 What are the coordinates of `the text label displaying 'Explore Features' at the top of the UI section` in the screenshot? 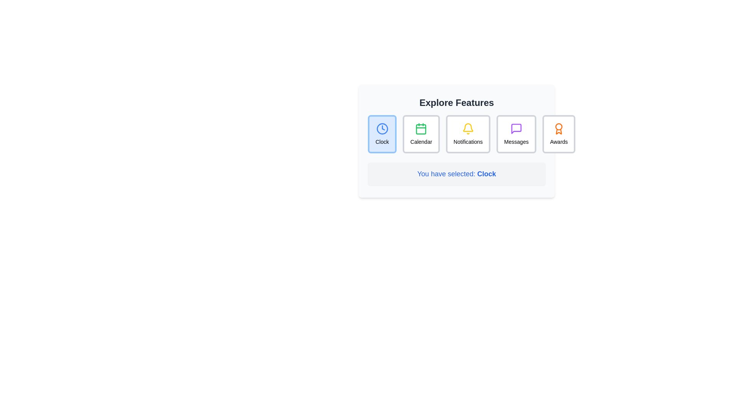 It's located at (457, 102).